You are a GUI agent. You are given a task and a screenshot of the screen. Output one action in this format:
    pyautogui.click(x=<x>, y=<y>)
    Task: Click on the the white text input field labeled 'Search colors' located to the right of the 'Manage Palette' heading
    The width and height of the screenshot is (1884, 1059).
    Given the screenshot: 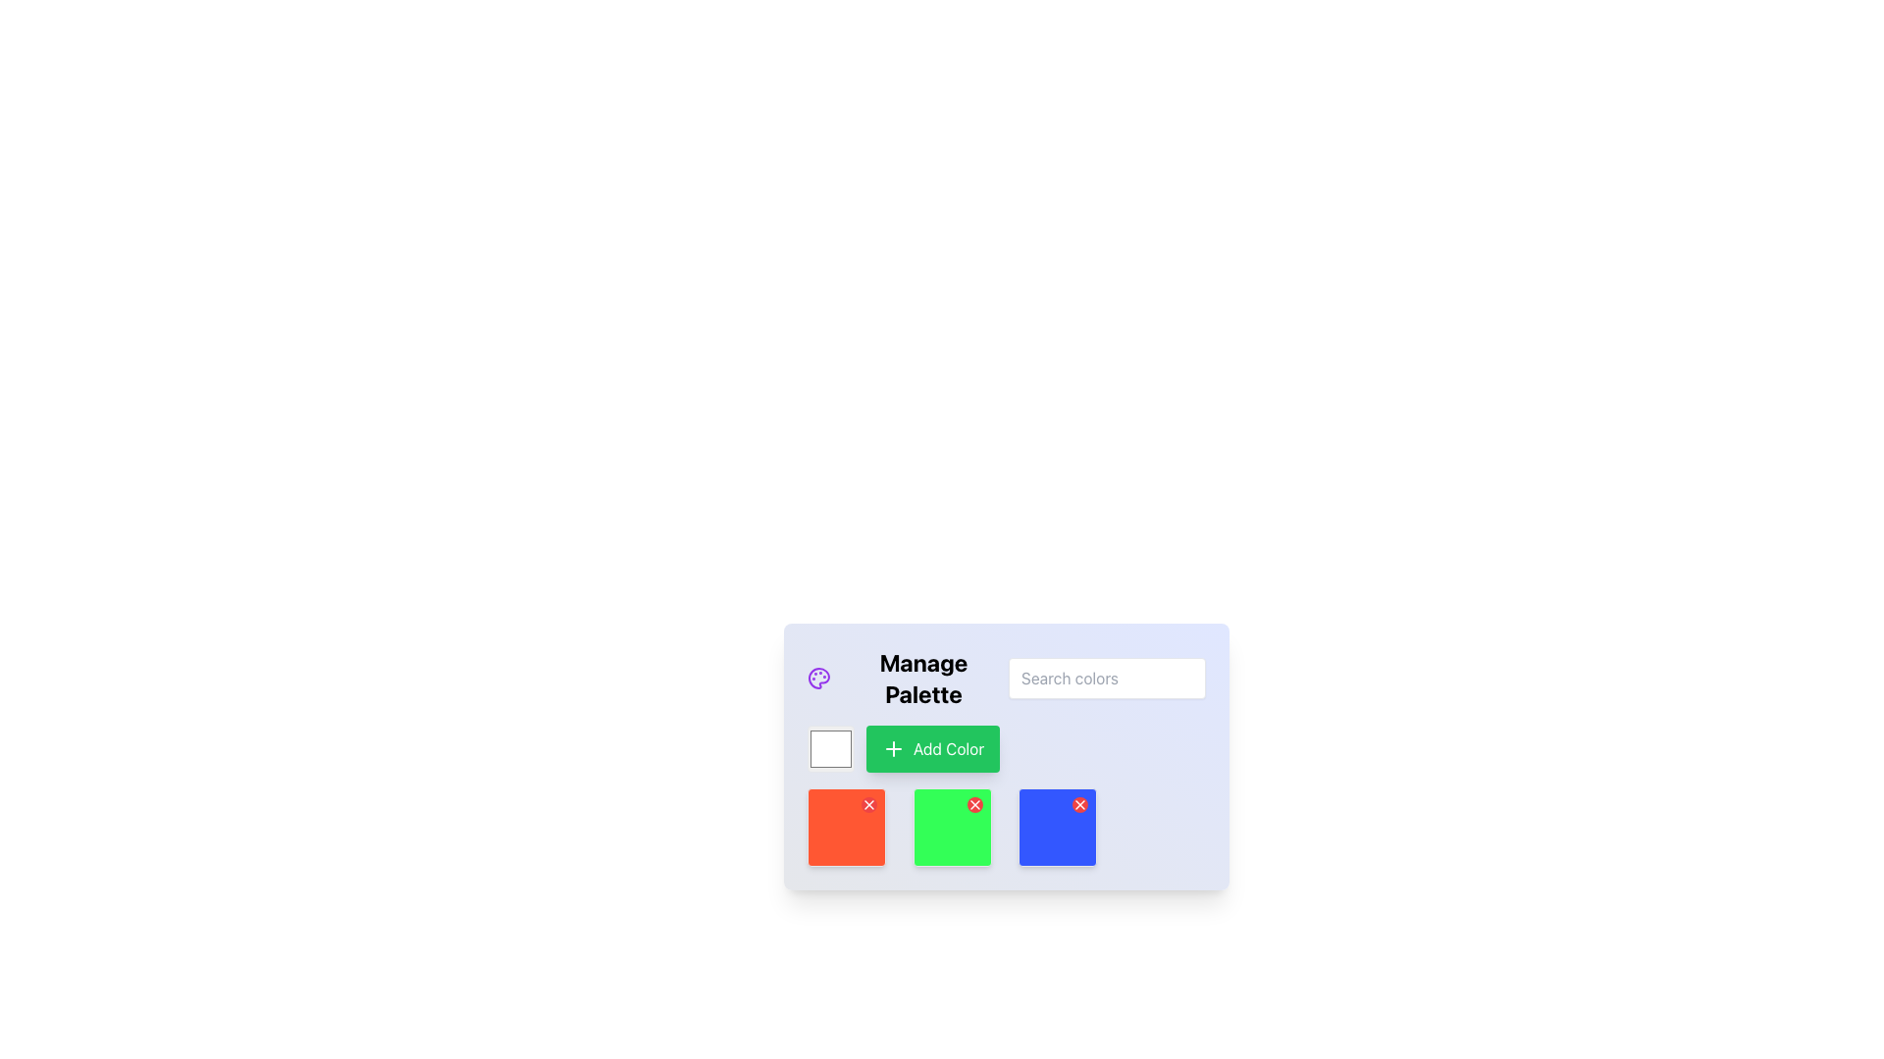 What is the action you would take?
    pyautogui.click(x=1007, y=677)
    